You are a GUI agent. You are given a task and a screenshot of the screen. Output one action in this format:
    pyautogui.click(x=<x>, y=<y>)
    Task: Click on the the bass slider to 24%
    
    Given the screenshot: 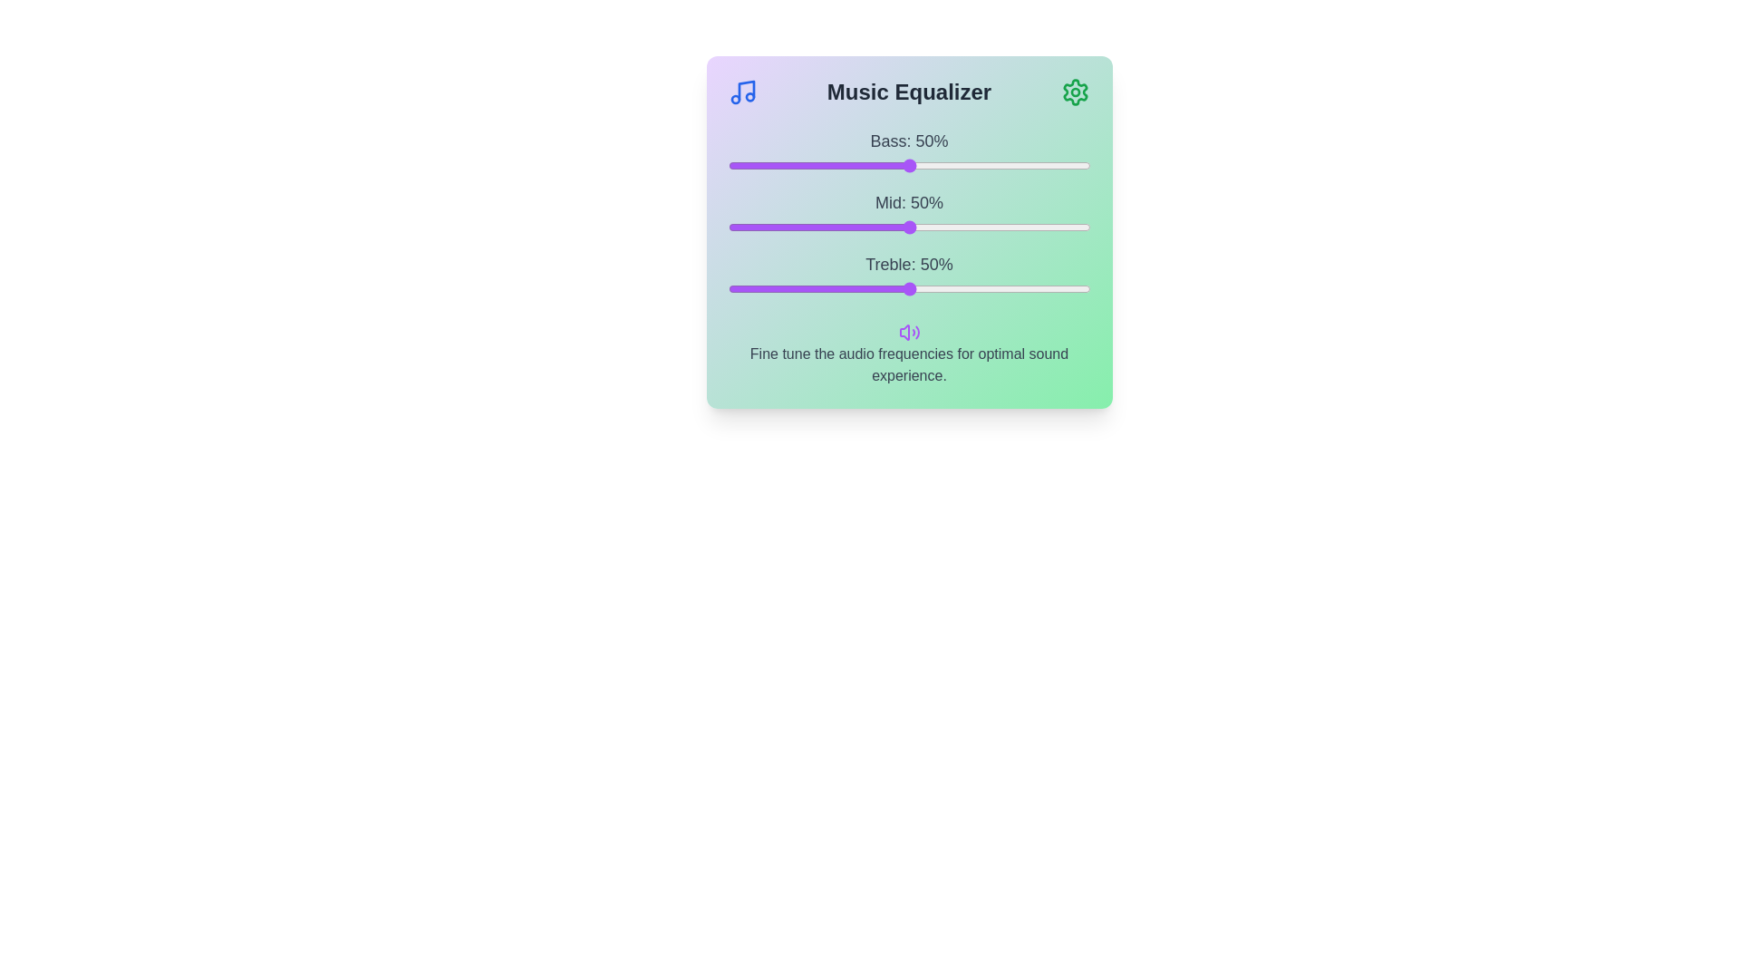 What is the action you would take?
    pyautogui.click(x=814, y=165)
    